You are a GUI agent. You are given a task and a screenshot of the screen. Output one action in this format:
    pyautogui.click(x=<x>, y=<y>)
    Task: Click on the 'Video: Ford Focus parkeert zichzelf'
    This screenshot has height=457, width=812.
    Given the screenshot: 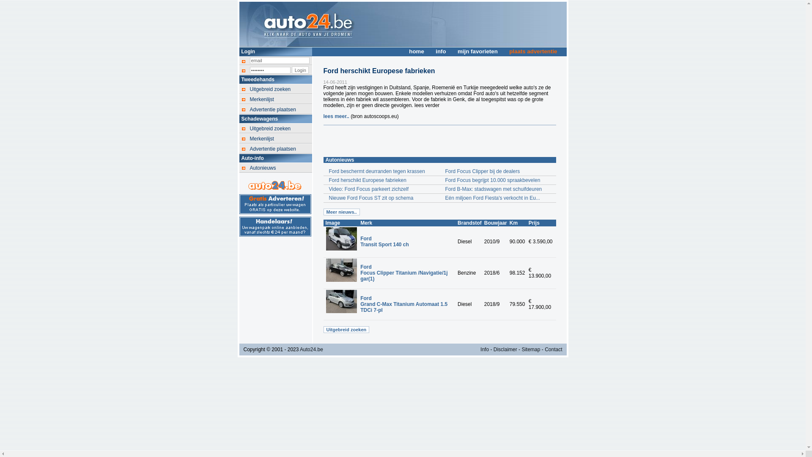 What is the action you would take?
    pyautogui.click(x=381, y=189)
    